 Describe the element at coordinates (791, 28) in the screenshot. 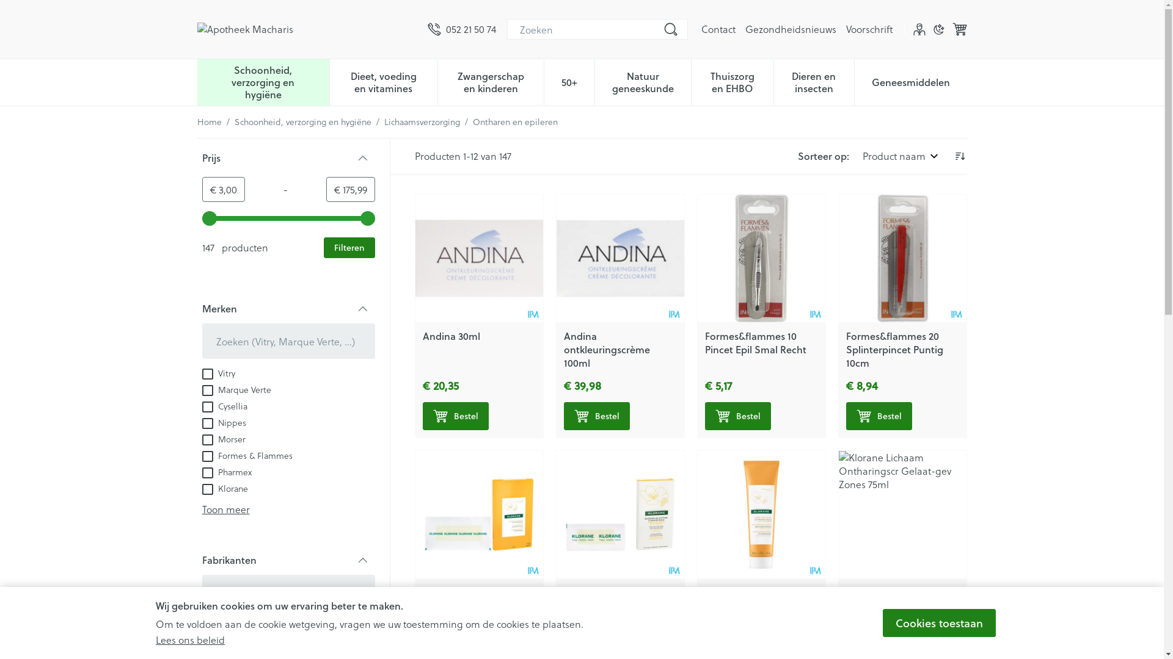

I see `'Gezondheidsnieuws'` at that location.